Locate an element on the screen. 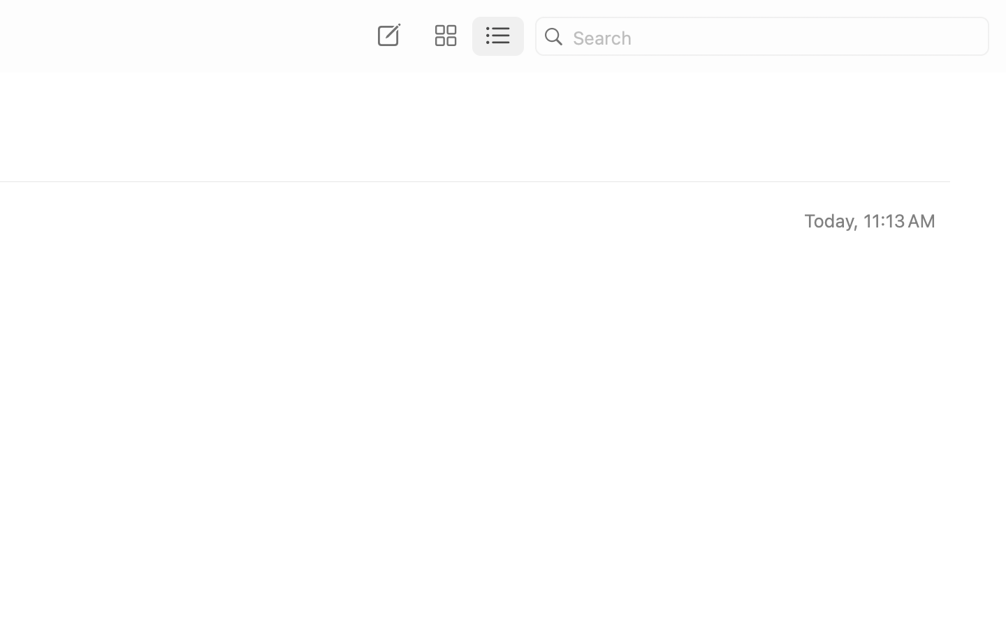  'Today, 11:13 AM' is located at coordinates (868, 219).